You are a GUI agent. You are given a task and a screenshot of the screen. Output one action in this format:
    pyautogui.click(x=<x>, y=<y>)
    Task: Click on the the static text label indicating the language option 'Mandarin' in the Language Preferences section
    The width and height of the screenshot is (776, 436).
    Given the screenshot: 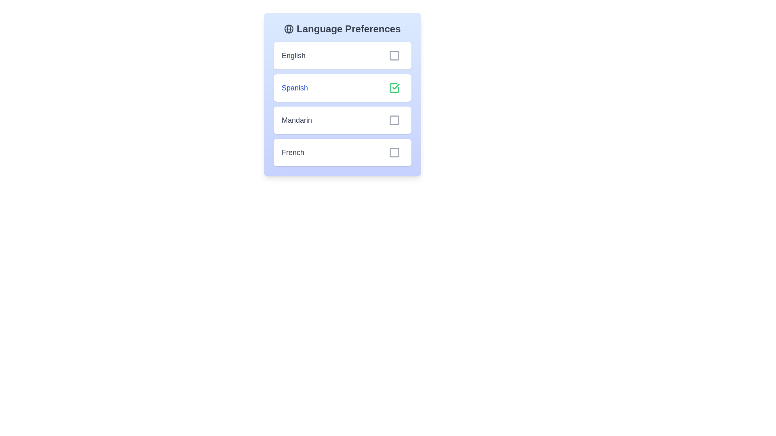 What is the action you would take?
    pyautogui.click(x=296, y=120)
    